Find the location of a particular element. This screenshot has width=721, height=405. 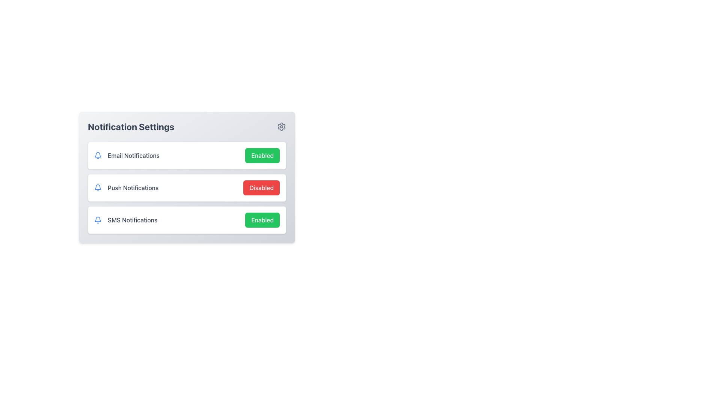

the disabled push notifications button located to the far right within the 'Push Notifications' row, which is the second button in the list after 'Email Notifications.' is located at coordinates (261, 187).